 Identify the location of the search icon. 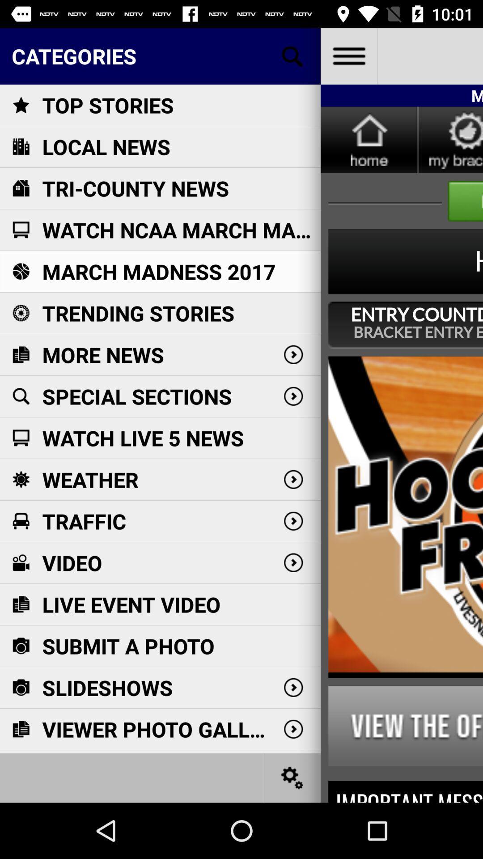
(292, 55).